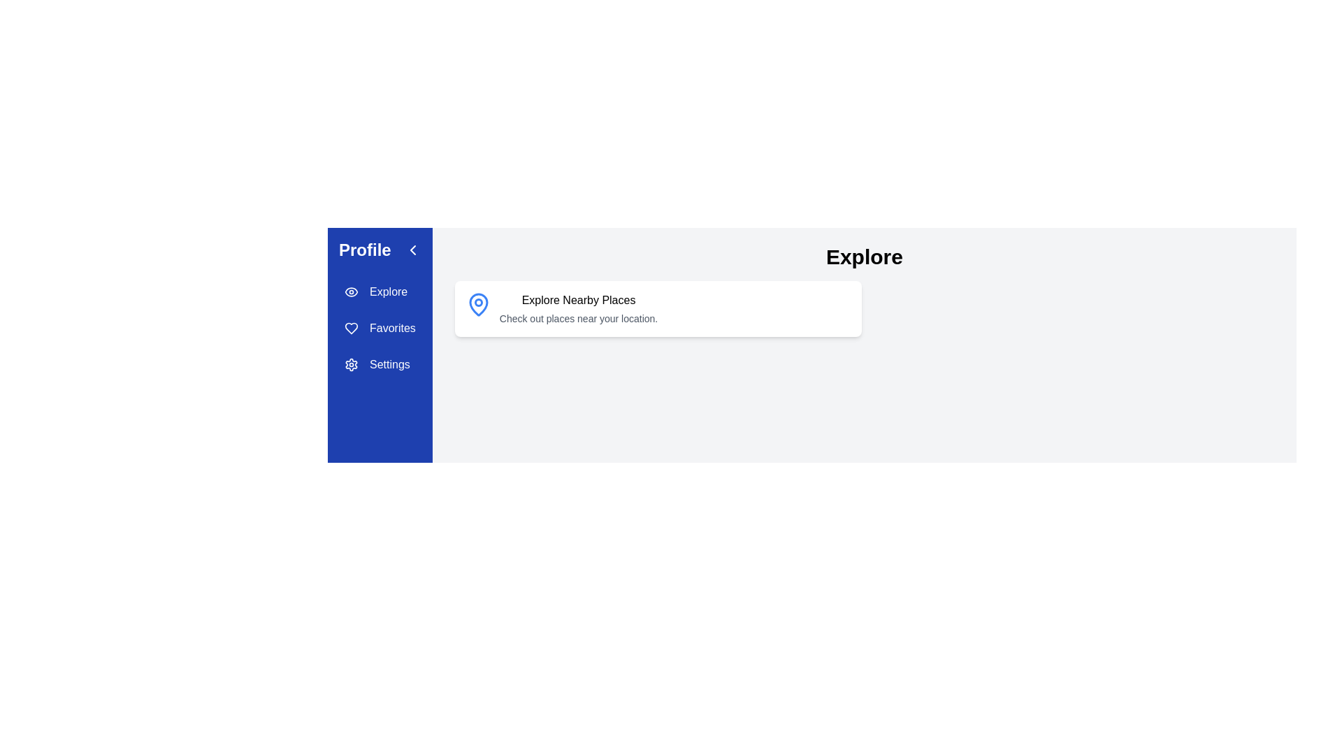 The height and width of the screenshot is (755, 1342). I want to click on the decorative Icon component within the location pin graphic on the left side of the 'Explore Nearby Places' card, so click(478, 303).